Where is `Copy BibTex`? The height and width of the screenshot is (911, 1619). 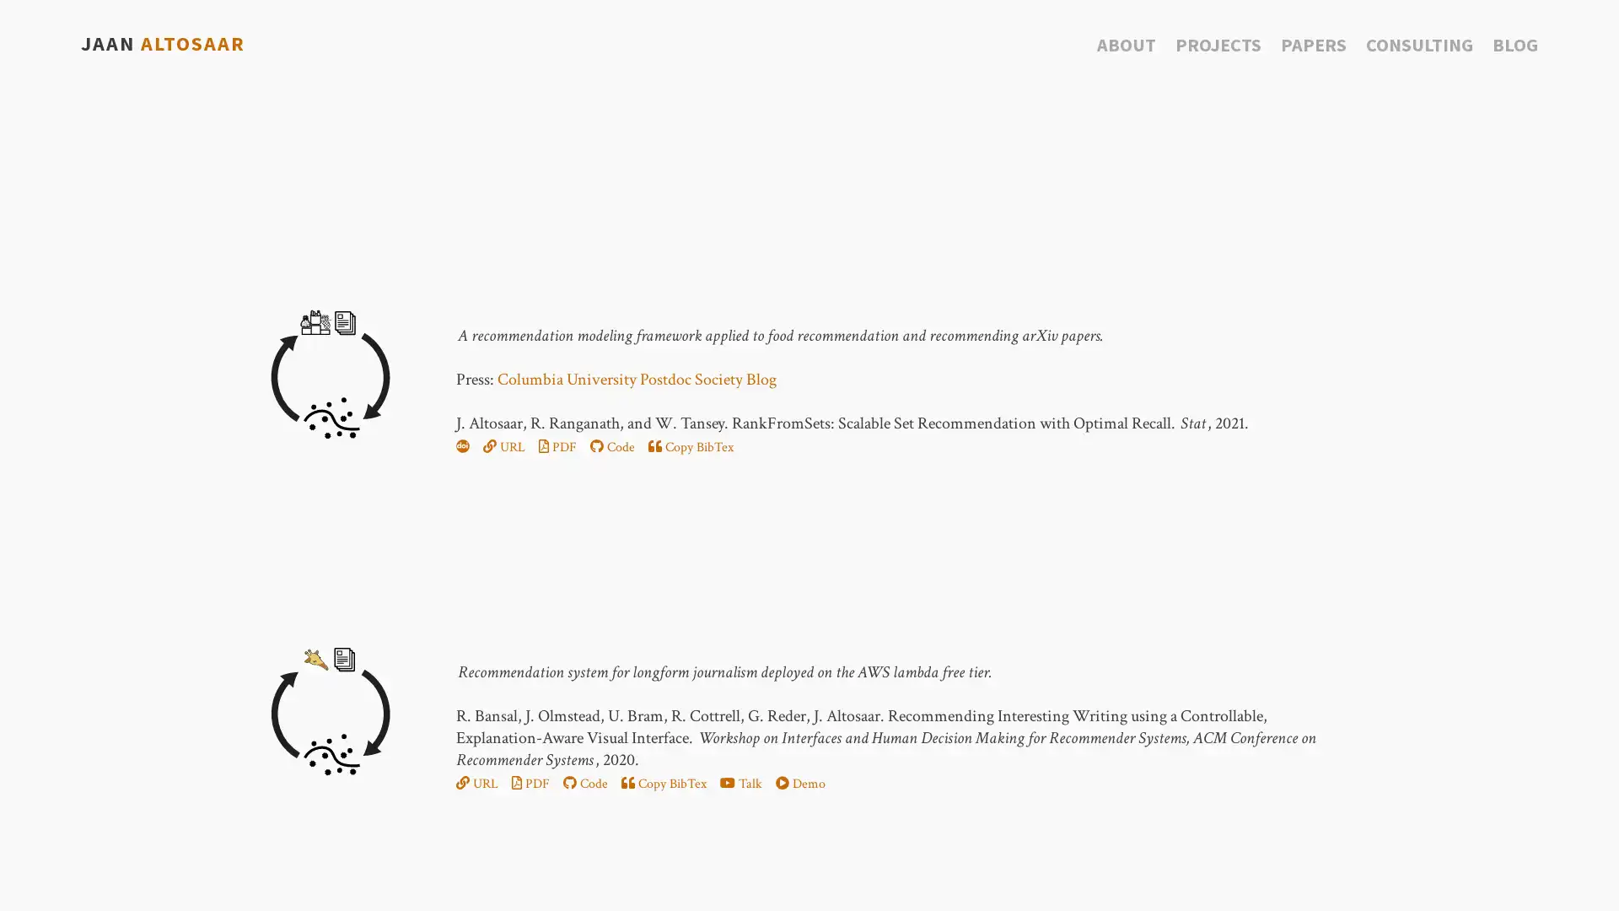
Copy BibTex is located at coordinates (662, 784).